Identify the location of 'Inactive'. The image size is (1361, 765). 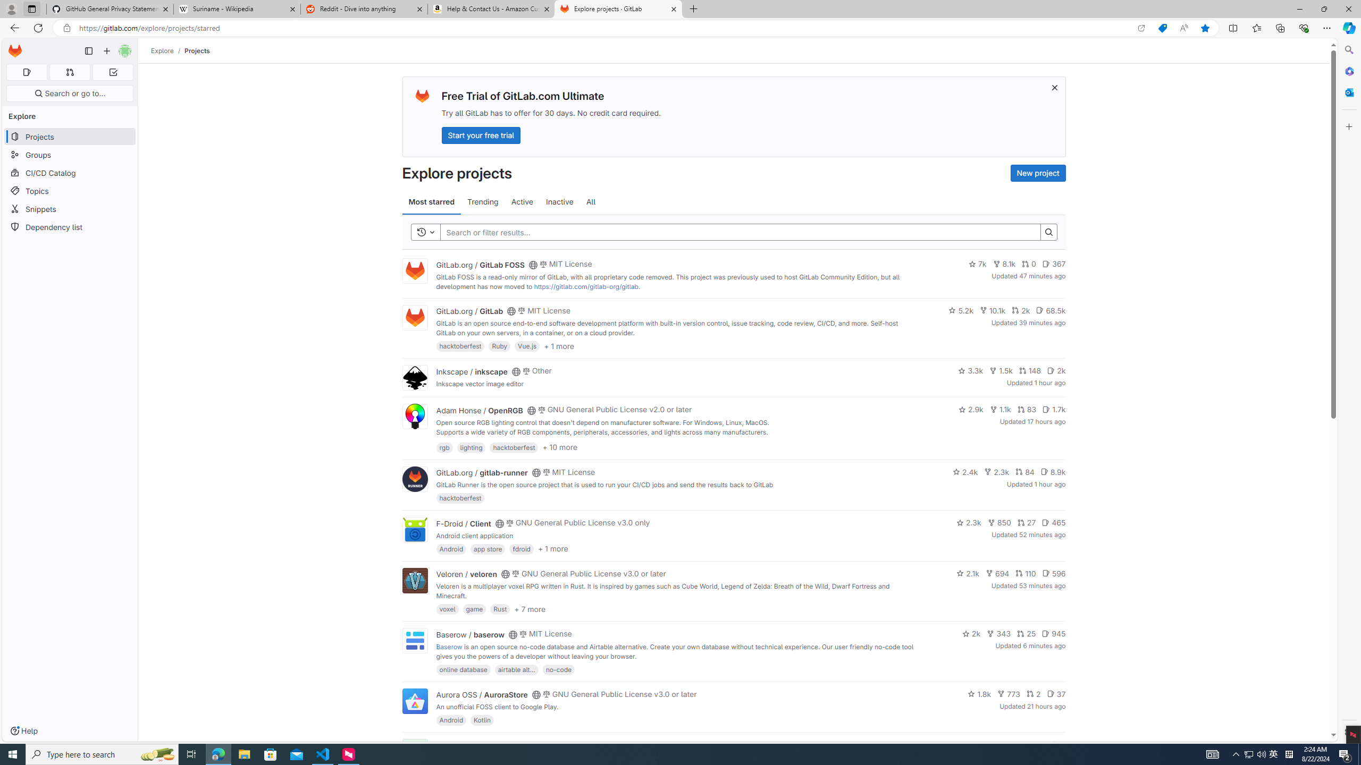
(559, 201).